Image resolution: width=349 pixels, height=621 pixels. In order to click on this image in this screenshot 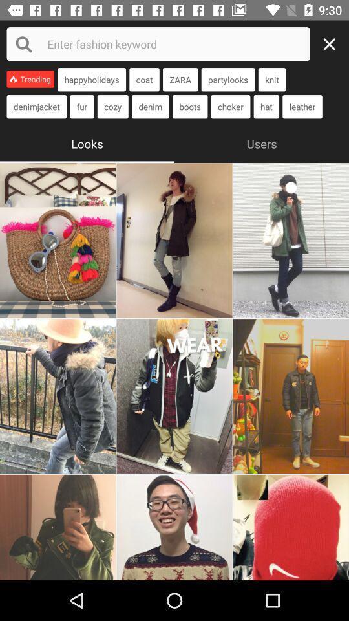, I will do `click(57, 395)`.